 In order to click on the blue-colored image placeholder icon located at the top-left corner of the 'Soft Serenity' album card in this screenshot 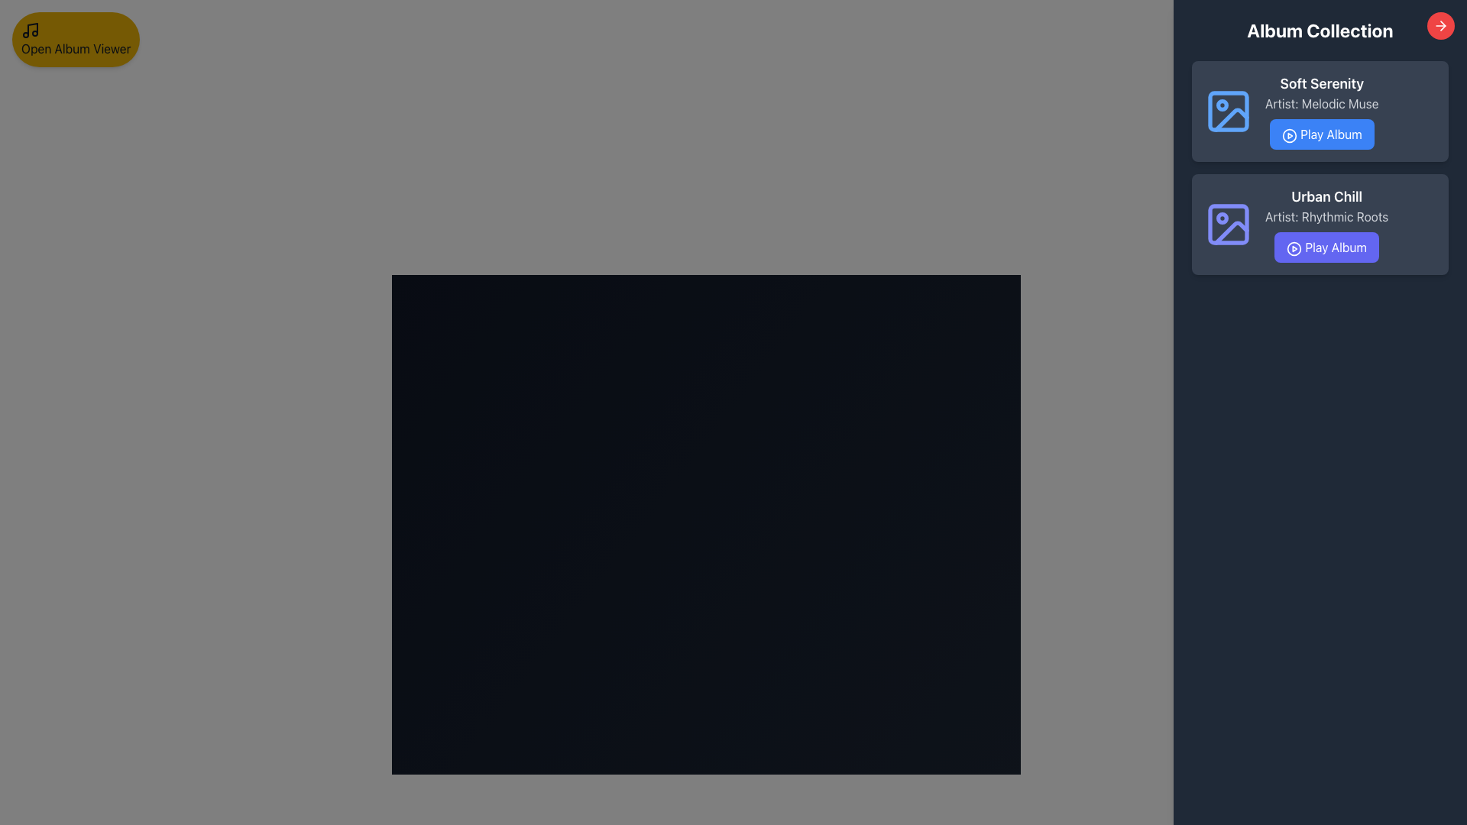, I will do `click(1229, 111)`.